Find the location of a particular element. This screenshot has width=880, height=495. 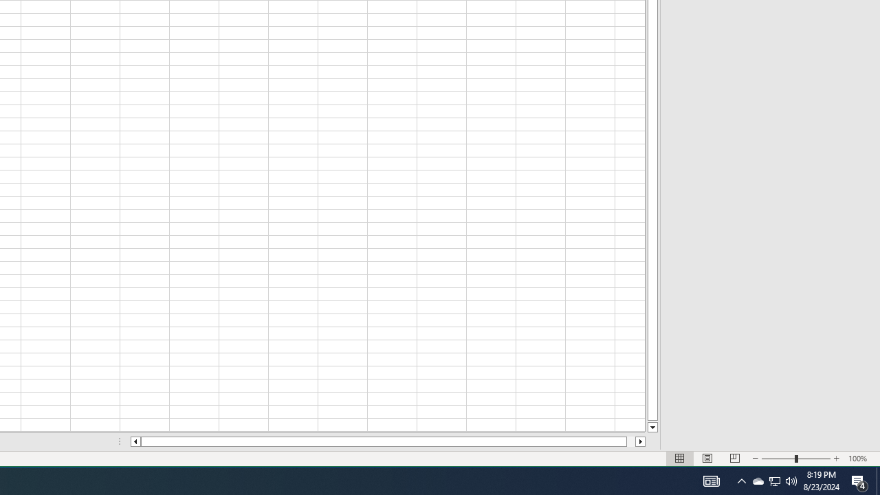

'Line down' is located at coordinates (652, 427).